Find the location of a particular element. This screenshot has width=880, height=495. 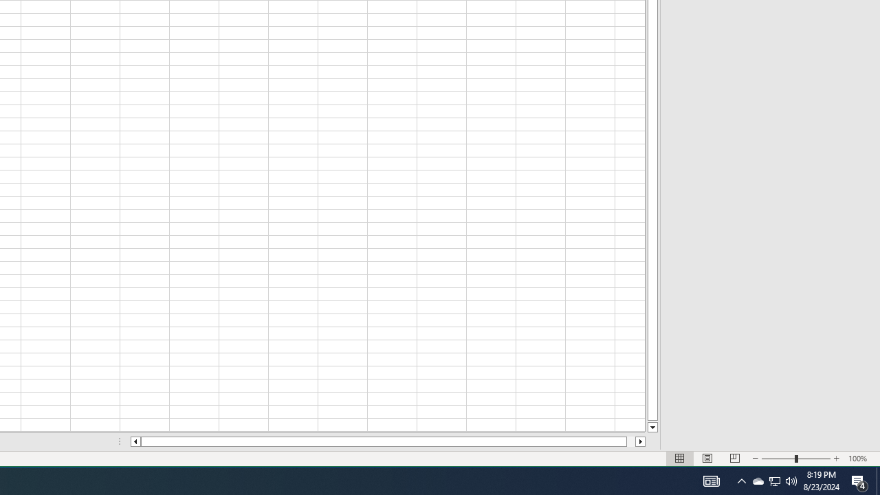

'Line down' is located at coordinates (652, 427).